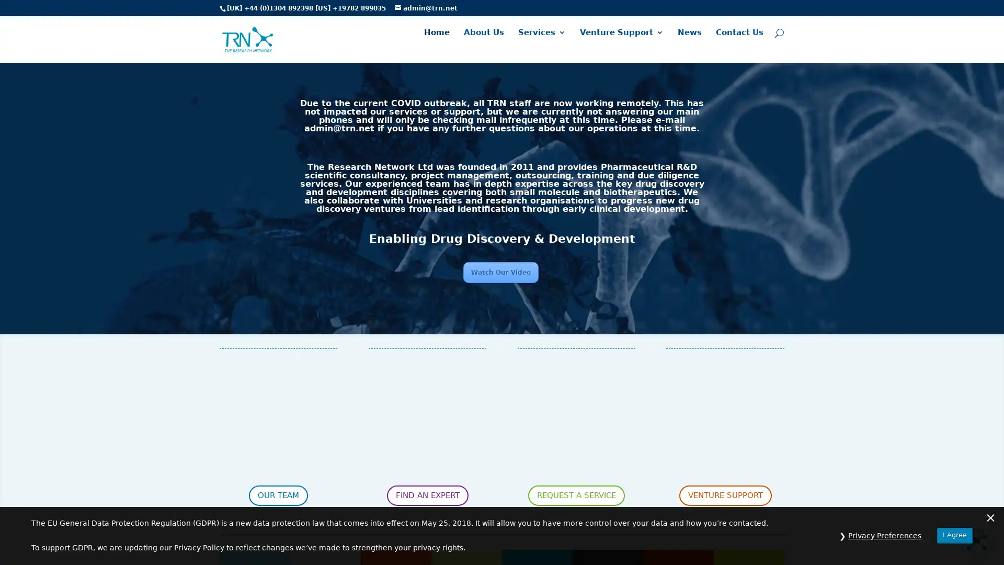 This screenshot has width=1004, height=565. I want to click on I Agree, so click(954, 535).